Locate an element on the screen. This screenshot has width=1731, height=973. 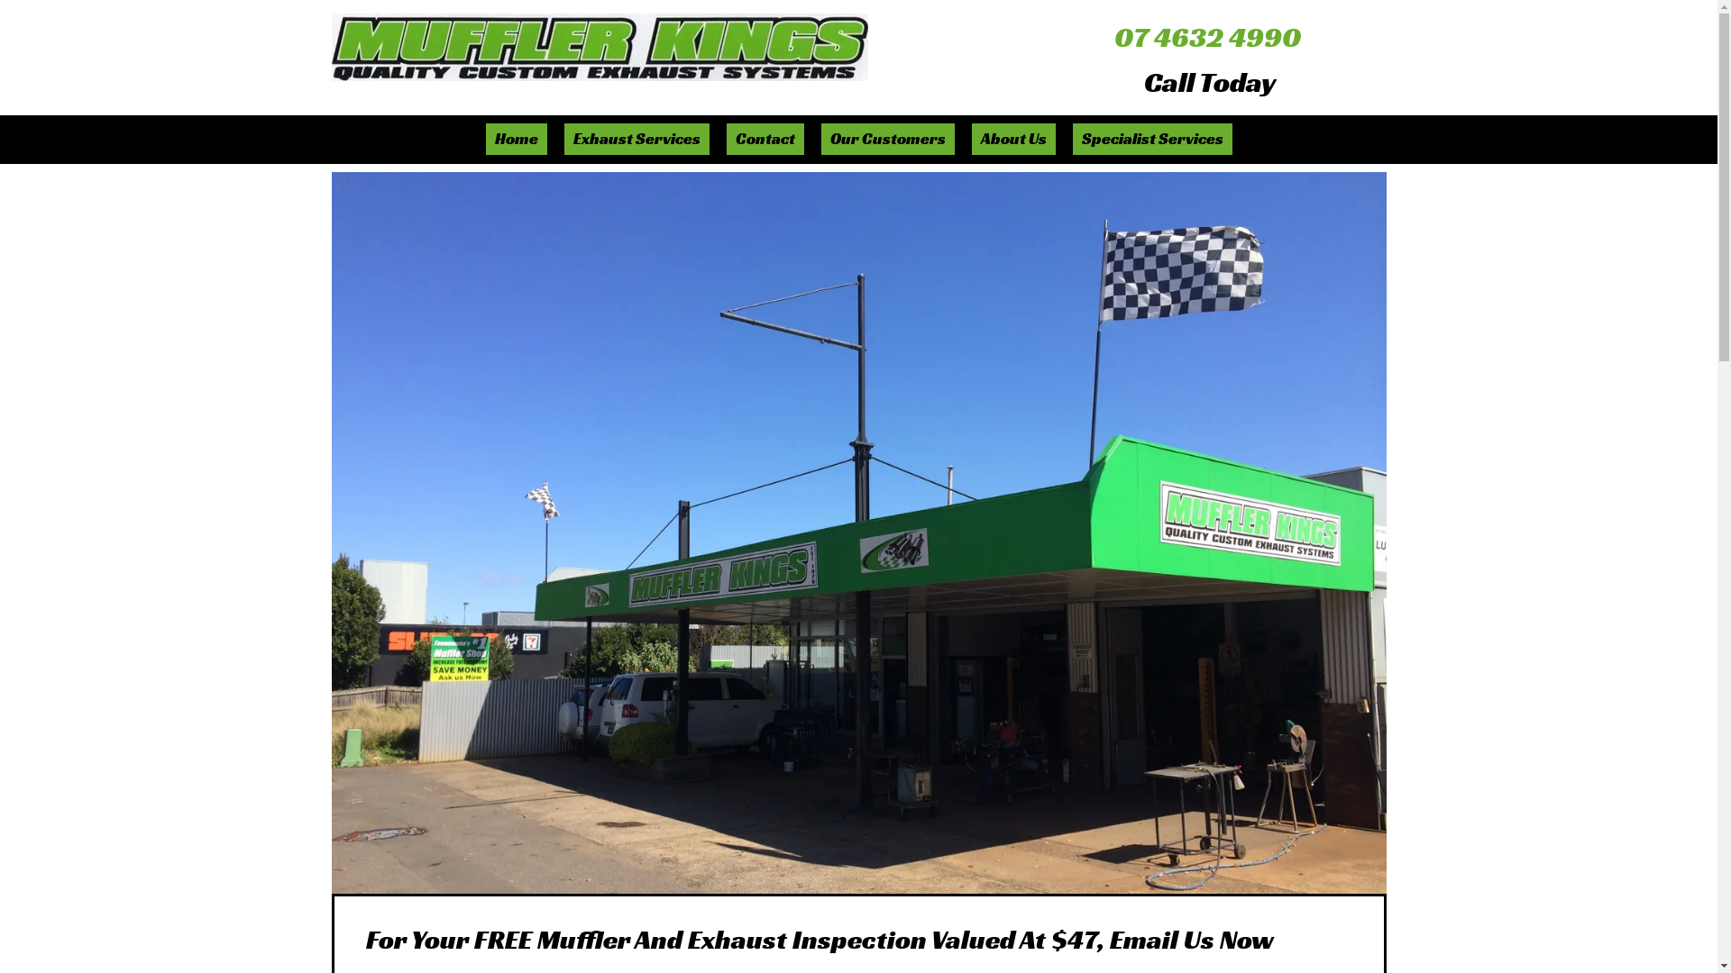
'07 4632 4990' is located at coordinates (1207, 36).